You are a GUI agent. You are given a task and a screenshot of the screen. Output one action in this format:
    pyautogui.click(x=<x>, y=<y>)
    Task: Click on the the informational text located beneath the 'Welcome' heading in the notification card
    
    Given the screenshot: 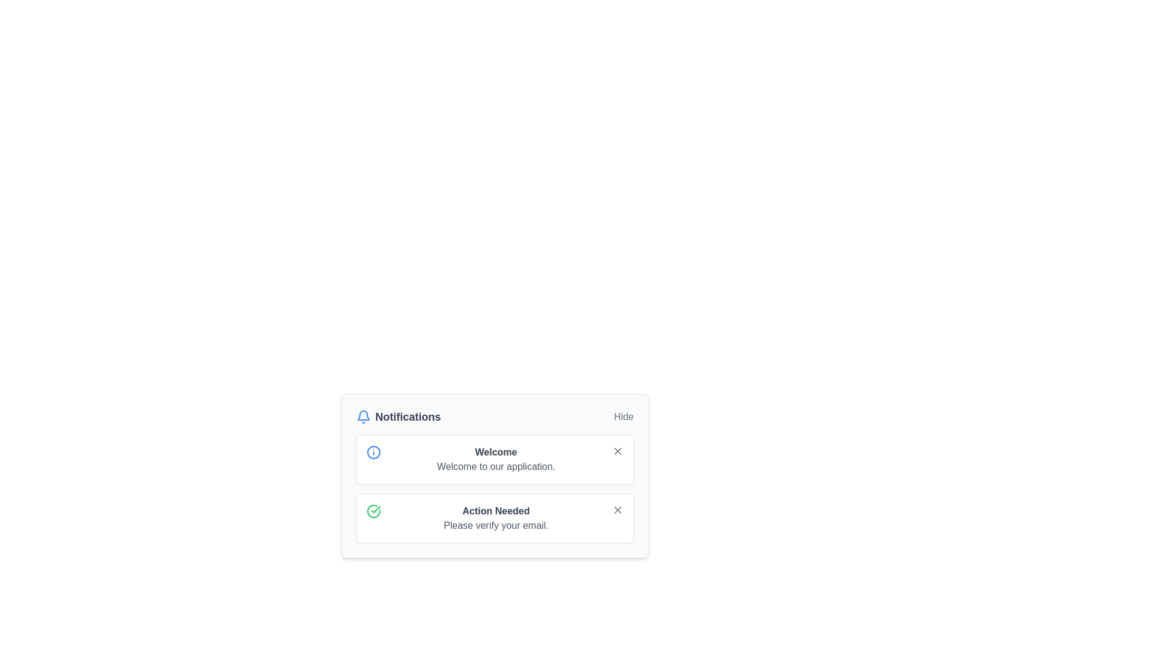 What is the action you would take?
    pyautogui.click(x=496, y=466)
    